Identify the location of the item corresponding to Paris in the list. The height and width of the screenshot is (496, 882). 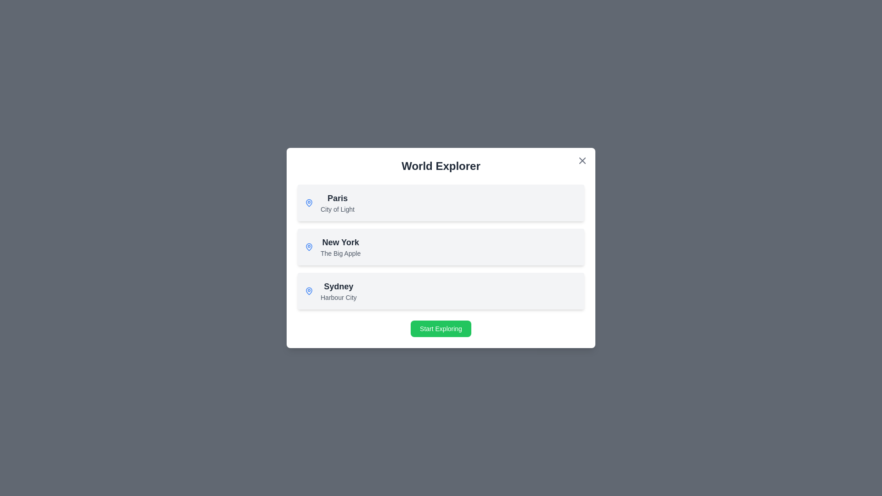
(441, 203).